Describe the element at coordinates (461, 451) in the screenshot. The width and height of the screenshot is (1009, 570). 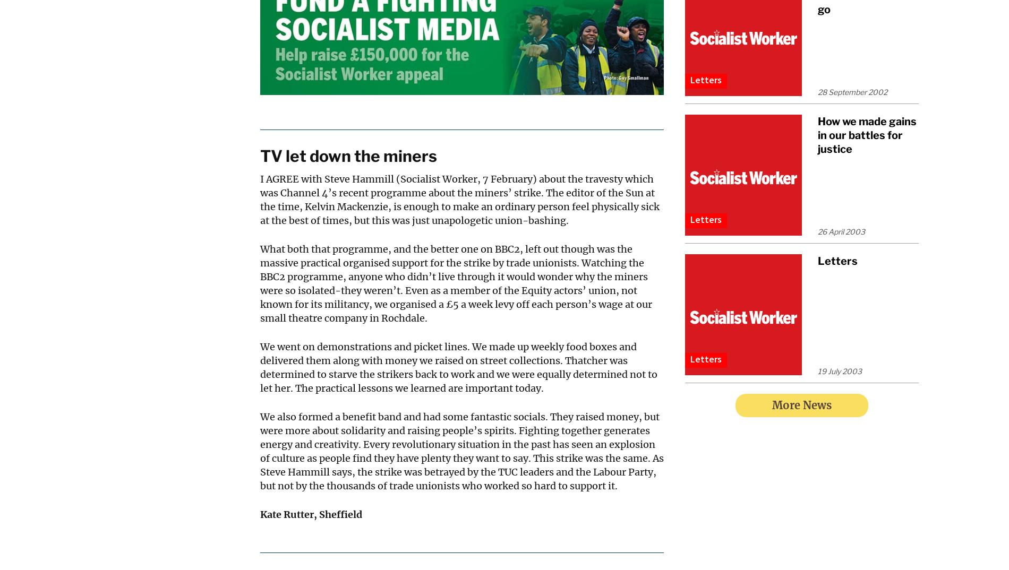
I see `'We also formed a benefit band and had some fantastic socials. They raised money, but were more about solidarity and raising people’s spirits. Fighting together generates energy and creativity. Every revolutionary situation in the past has seen an explosion of culture as people find they have plenty they want to say. This strike was the same. As Steve Hammill says, the strike was betrayed by the TUC leaders and the Labour Party, but not by the thousands of trade unionists who worked so hard to support it.'` at that location.